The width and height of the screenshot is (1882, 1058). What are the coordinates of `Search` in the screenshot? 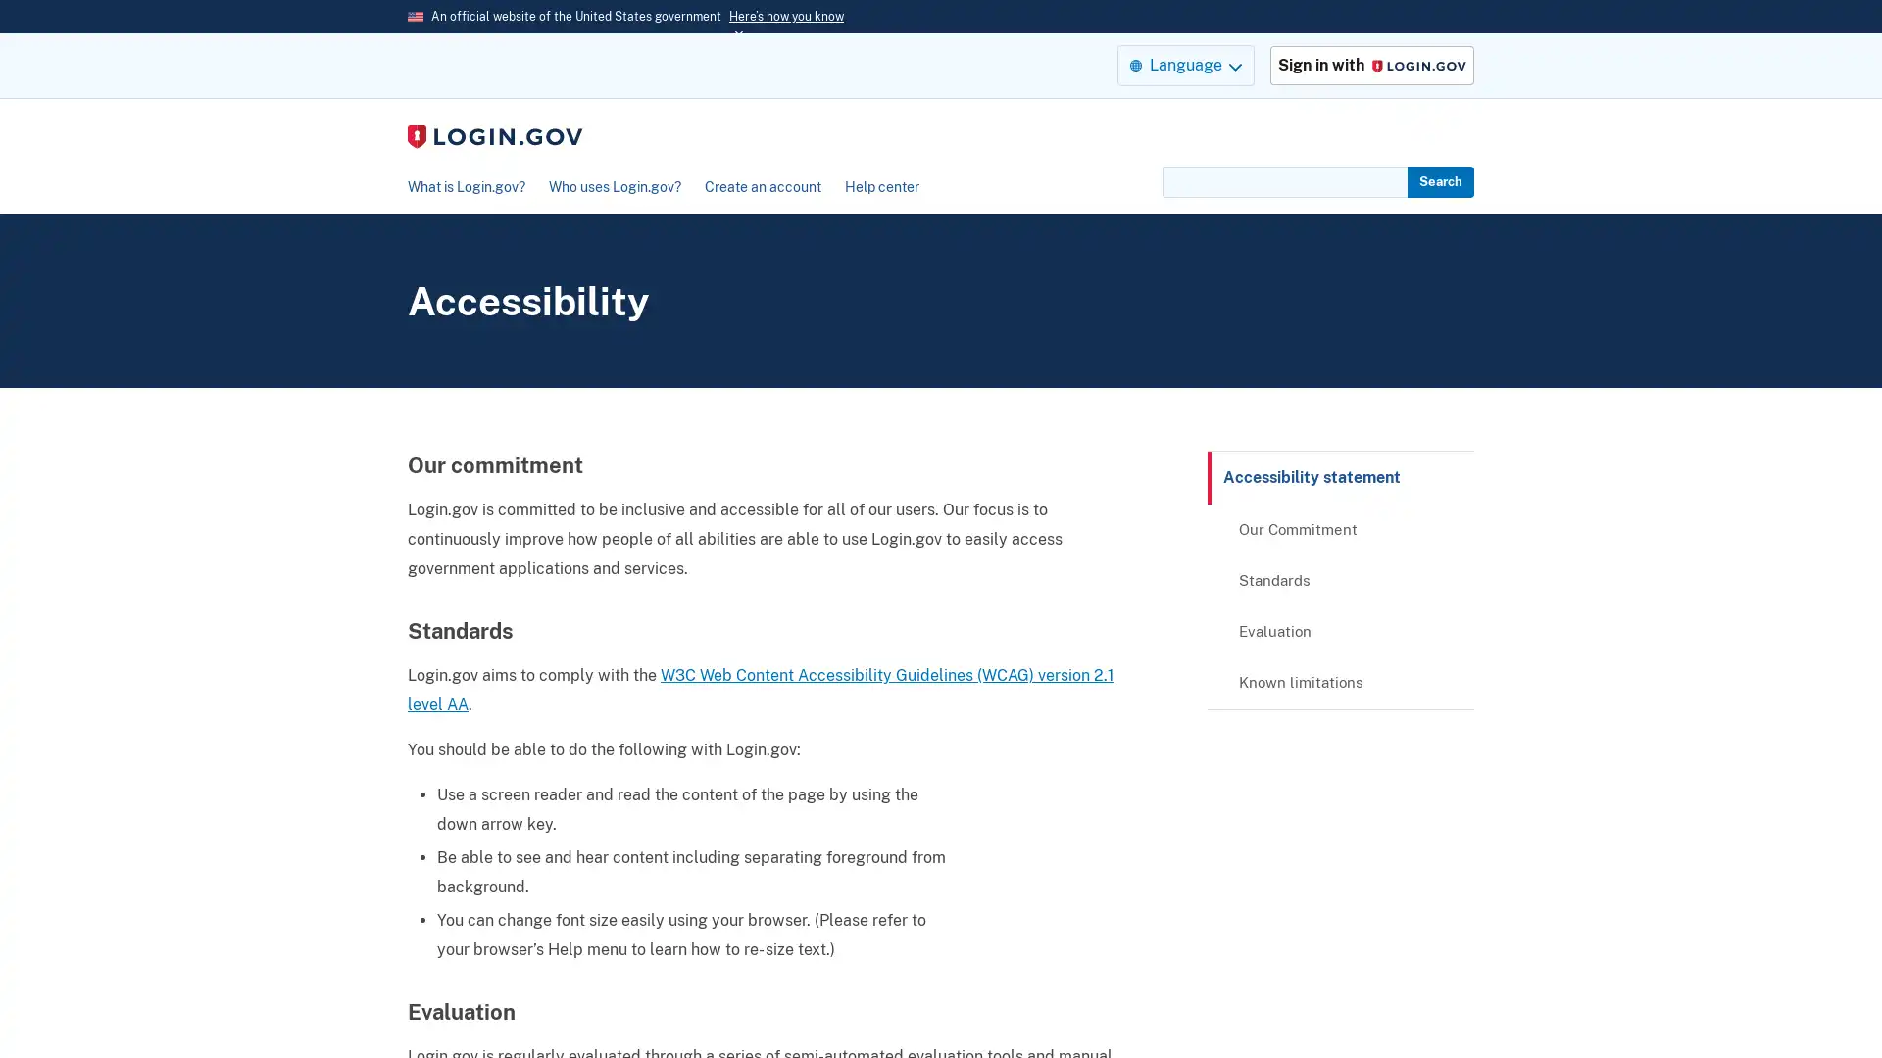 It's located at (1440, 181).